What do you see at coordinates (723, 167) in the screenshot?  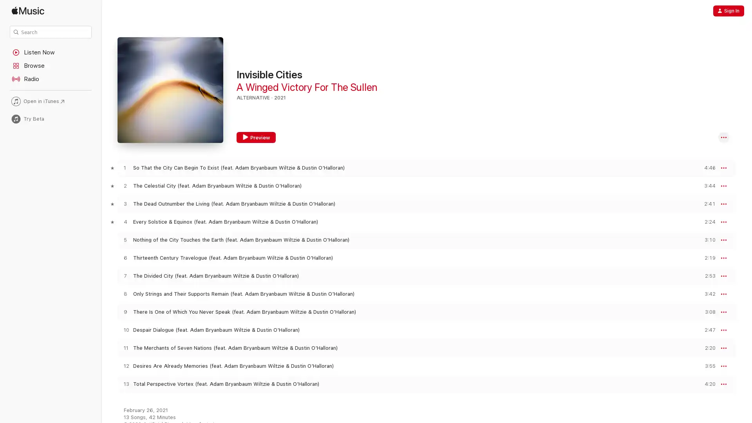 I see `More` at bounding box center [723, 167].